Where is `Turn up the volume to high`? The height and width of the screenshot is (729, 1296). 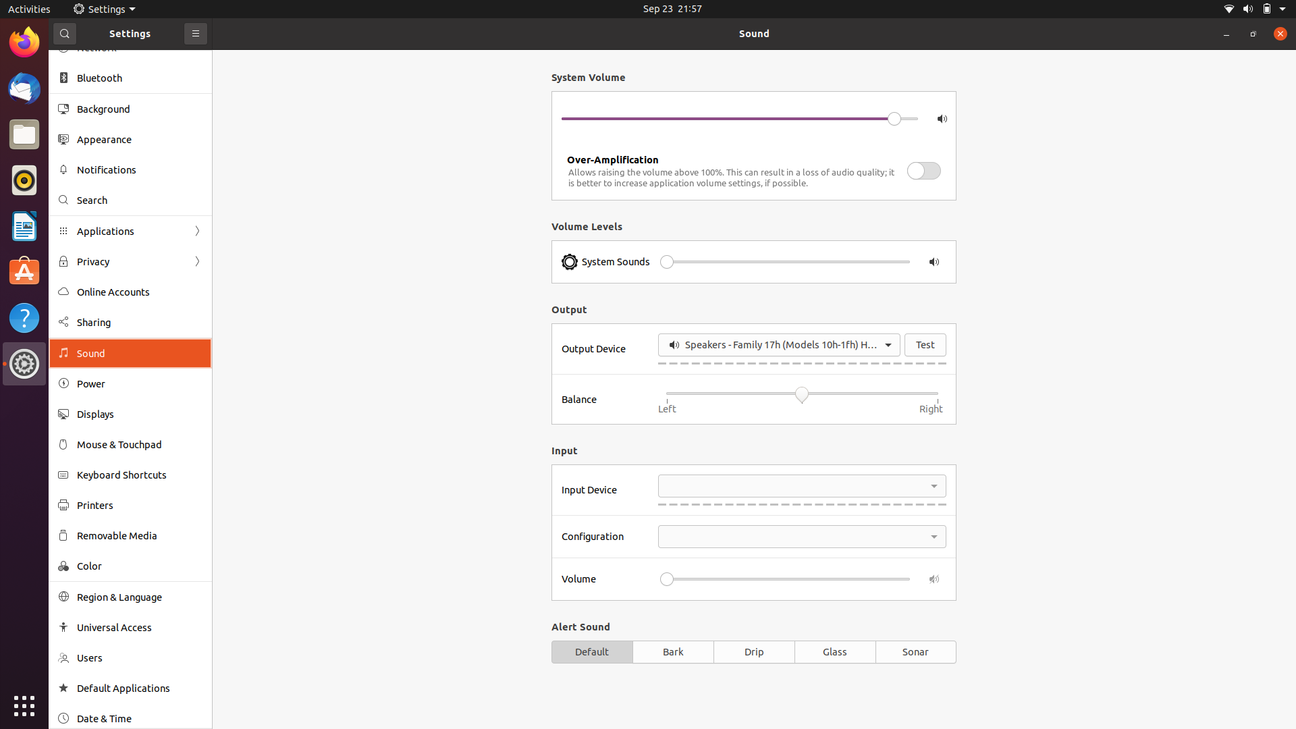
Turn up the volume to high is located at coordinates (884, 262).